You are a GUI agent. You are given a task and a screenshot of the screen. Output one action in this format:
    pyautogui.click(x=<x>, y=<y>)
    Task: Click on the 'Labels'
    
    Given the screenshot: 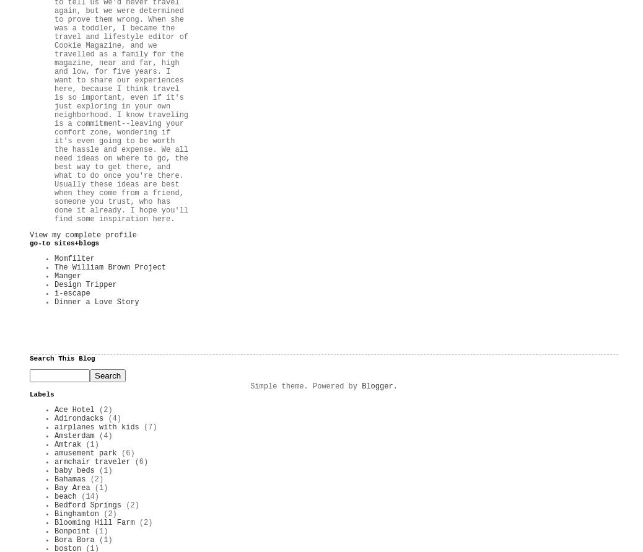 What is the action you would take?
    pyautogui.click(x=41, y=393)
    